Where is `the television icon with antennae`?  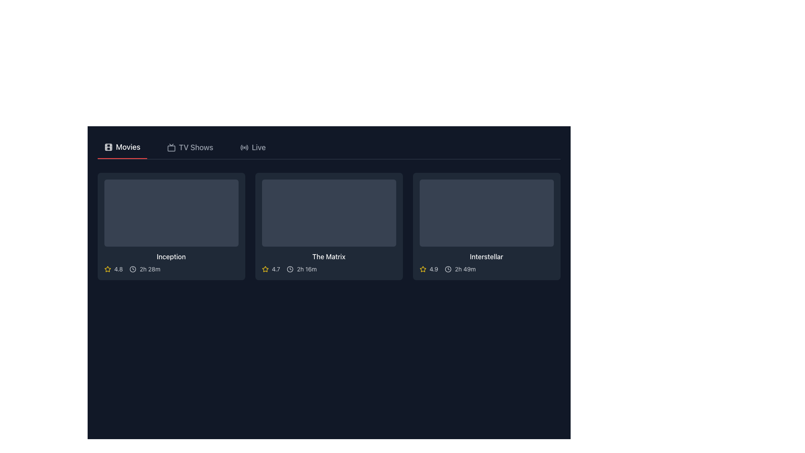 the television icon with antennae is located at coordinates (171, 147).